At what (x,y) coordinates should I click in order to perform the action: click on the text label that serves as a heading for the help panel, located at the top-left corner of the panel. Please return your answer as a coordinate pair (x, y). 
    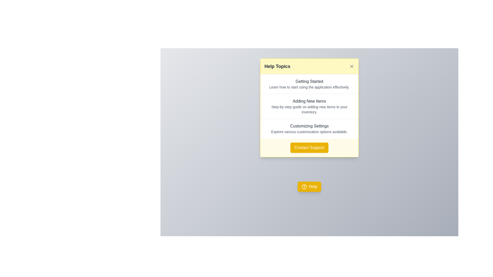
    Looking at the image, I should click on (277, 66).